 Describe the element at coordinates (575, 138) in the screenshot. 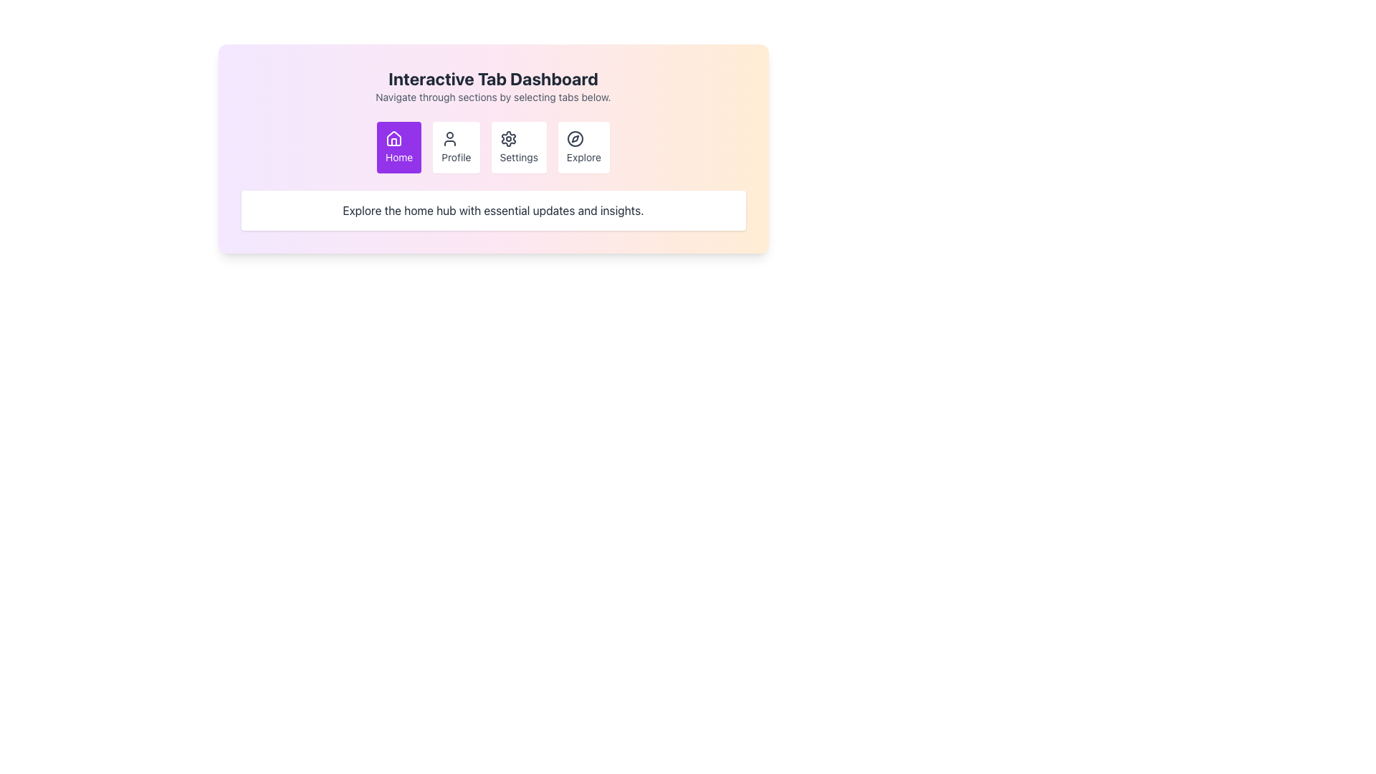

I see `the compass graphic icon located in the upper-right section of the 'Explore' button, which is part of a horizontal navigation row that includes 'Home', 'Profile', and 'Settings'` at that location.